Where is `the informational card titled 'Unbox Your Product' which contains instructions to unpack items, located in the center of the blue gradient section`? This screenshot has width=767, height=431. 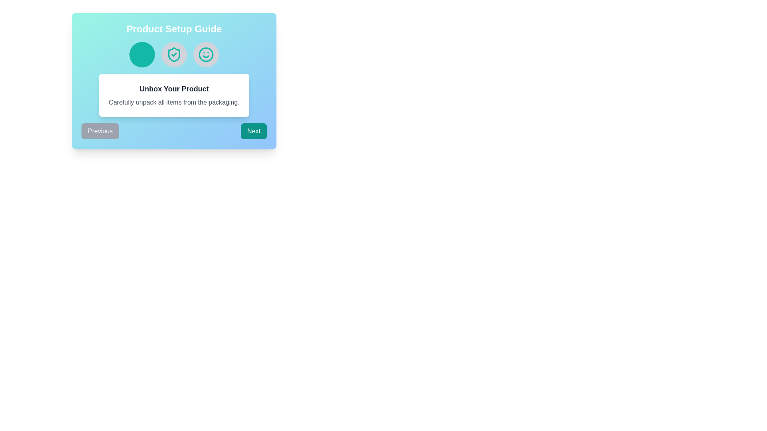 the informational card titled 'Unbox Your Product' which contains instructions to unpack items, located in the center of the blue gradient section is located at coordinates (174, 95).